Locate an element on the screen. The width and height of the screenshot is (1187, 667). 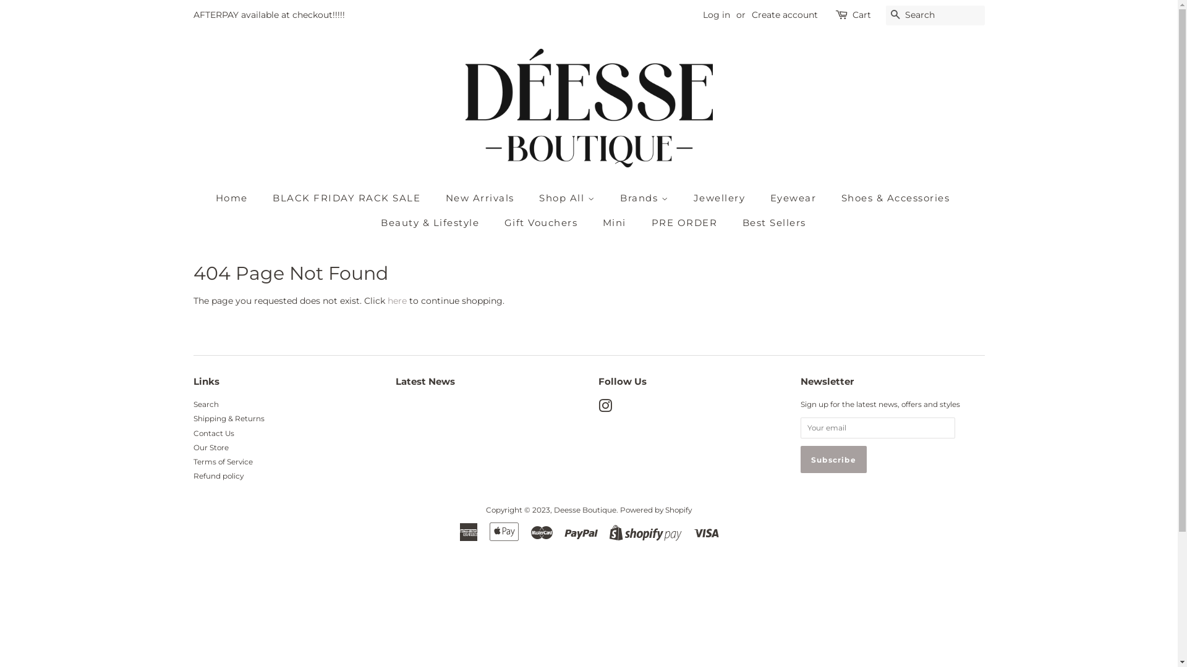
'Instagram' is located at coordinates (605, 408).